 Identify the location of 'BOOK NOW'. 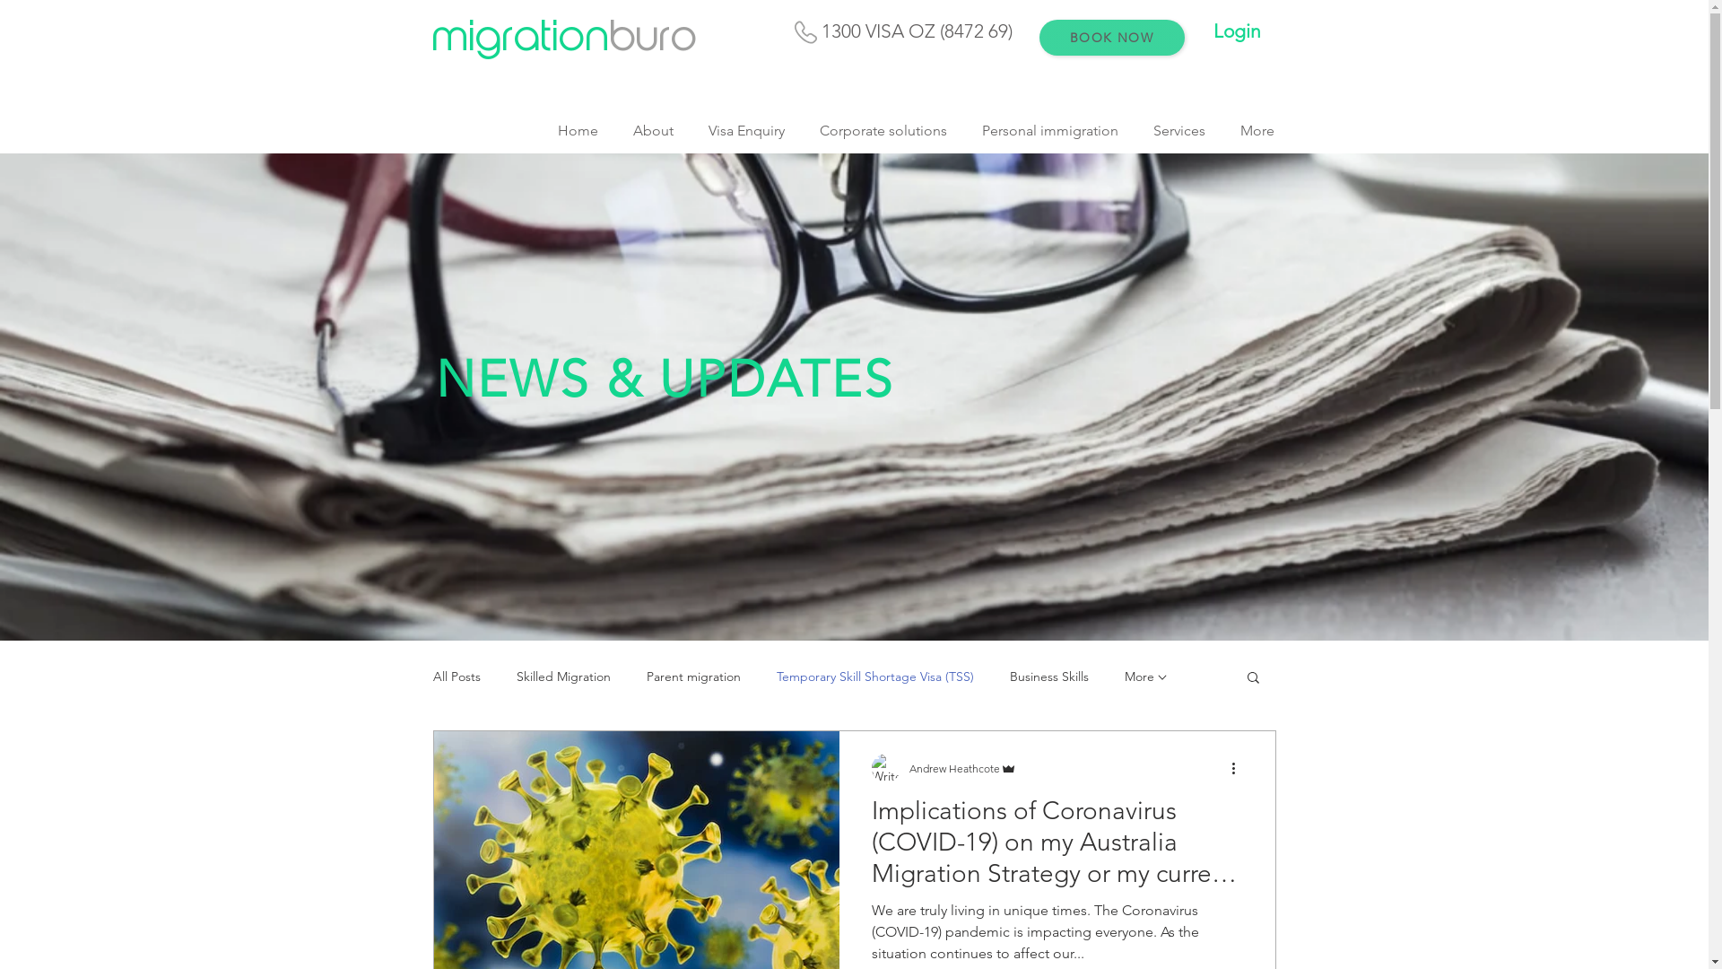
(1109, 38).